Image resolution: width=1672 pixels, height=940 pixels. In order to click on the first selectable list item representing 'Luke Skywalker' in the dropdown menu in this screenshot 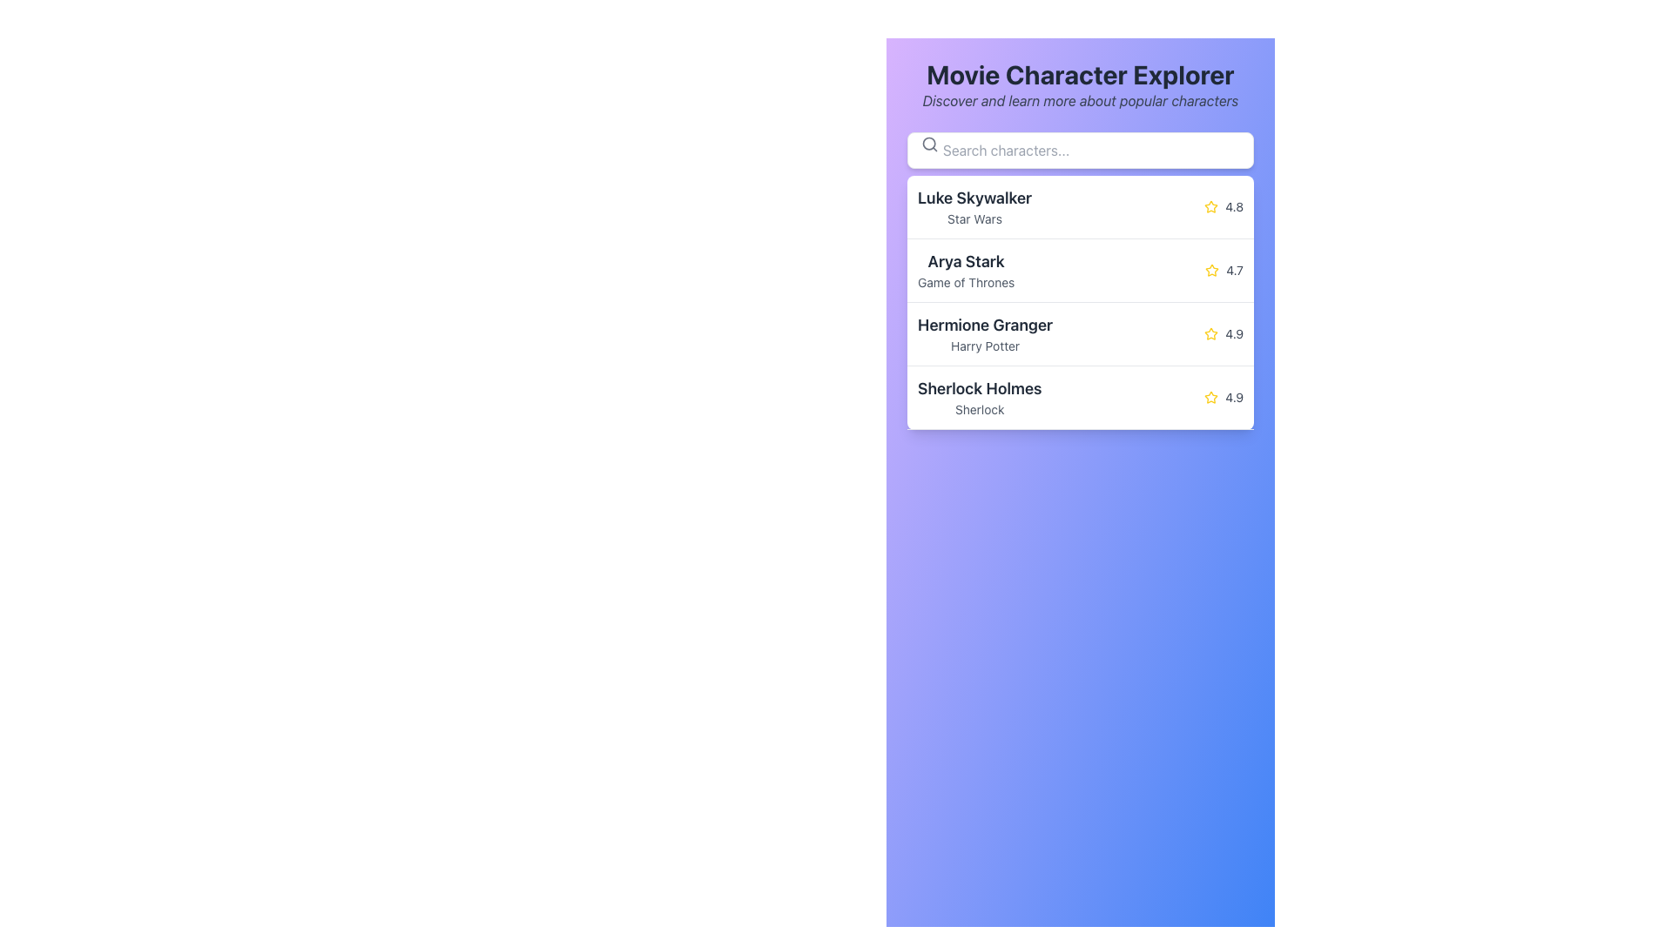, I will do `click(1080, 206)`.